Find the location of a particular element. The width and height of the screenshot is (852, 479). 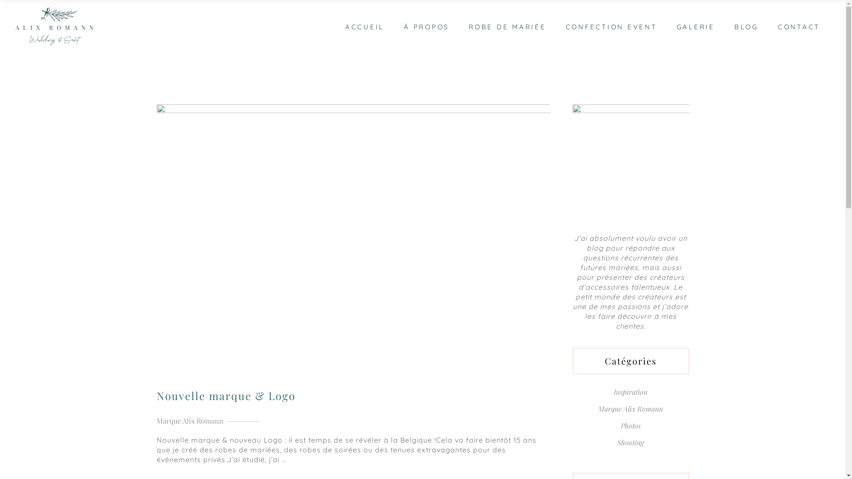

'Shooting' is located at coordinates (630, 442).